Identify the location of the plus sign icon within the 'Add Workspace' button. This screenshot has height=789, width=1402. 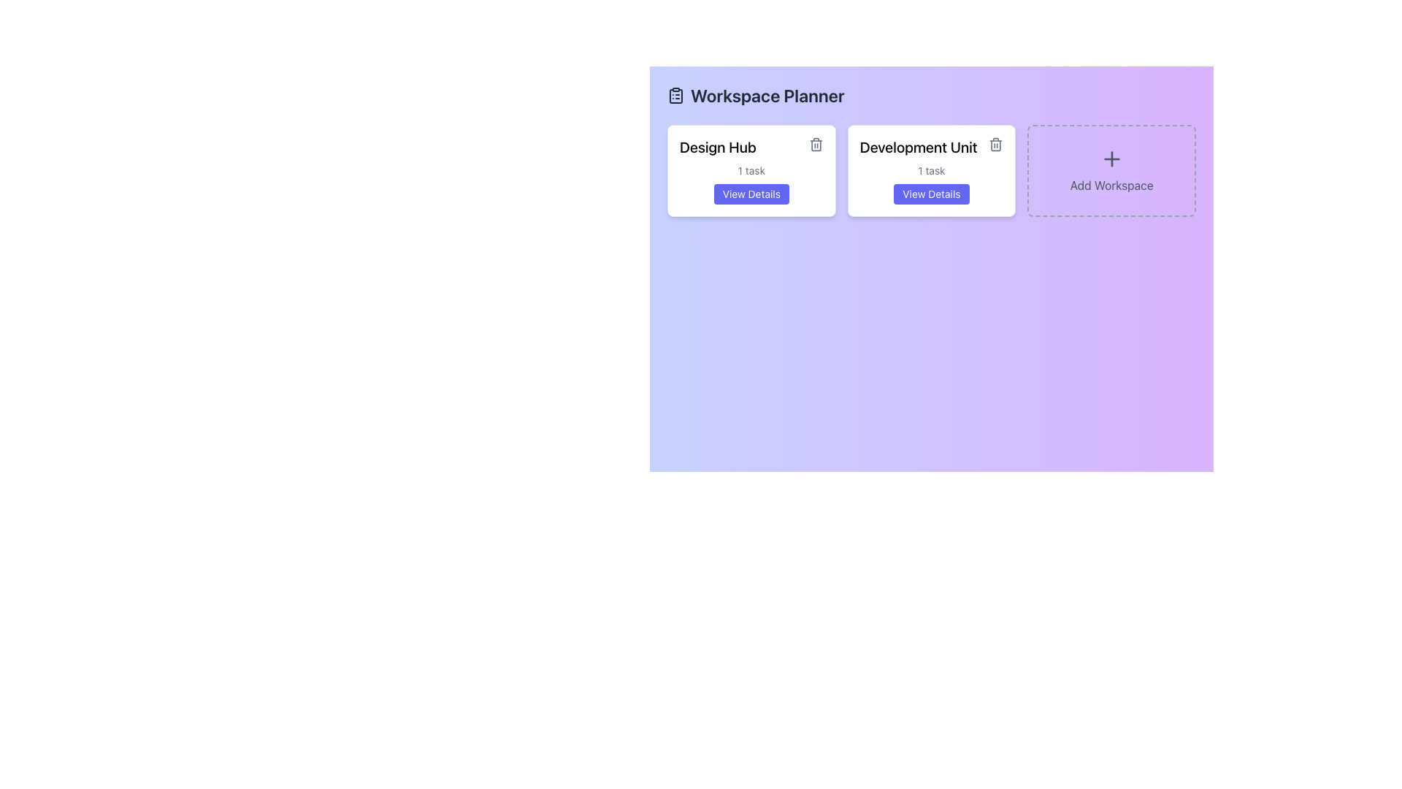
(1111, 159).